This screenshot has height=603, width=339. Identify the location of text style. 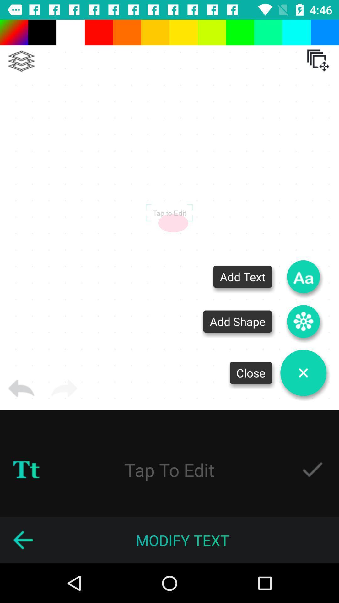
(26, 470).